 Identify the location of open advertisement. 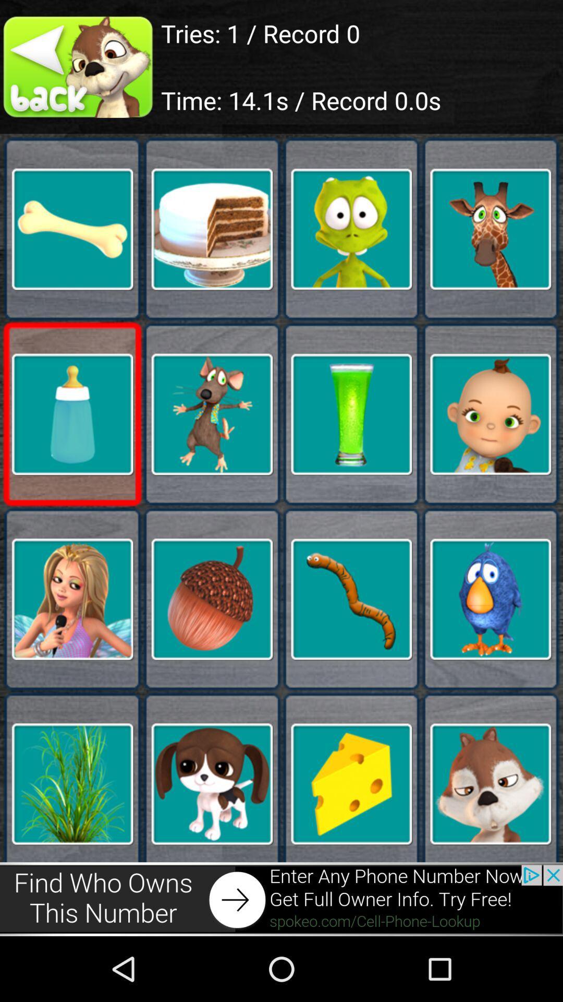
(281, 899).